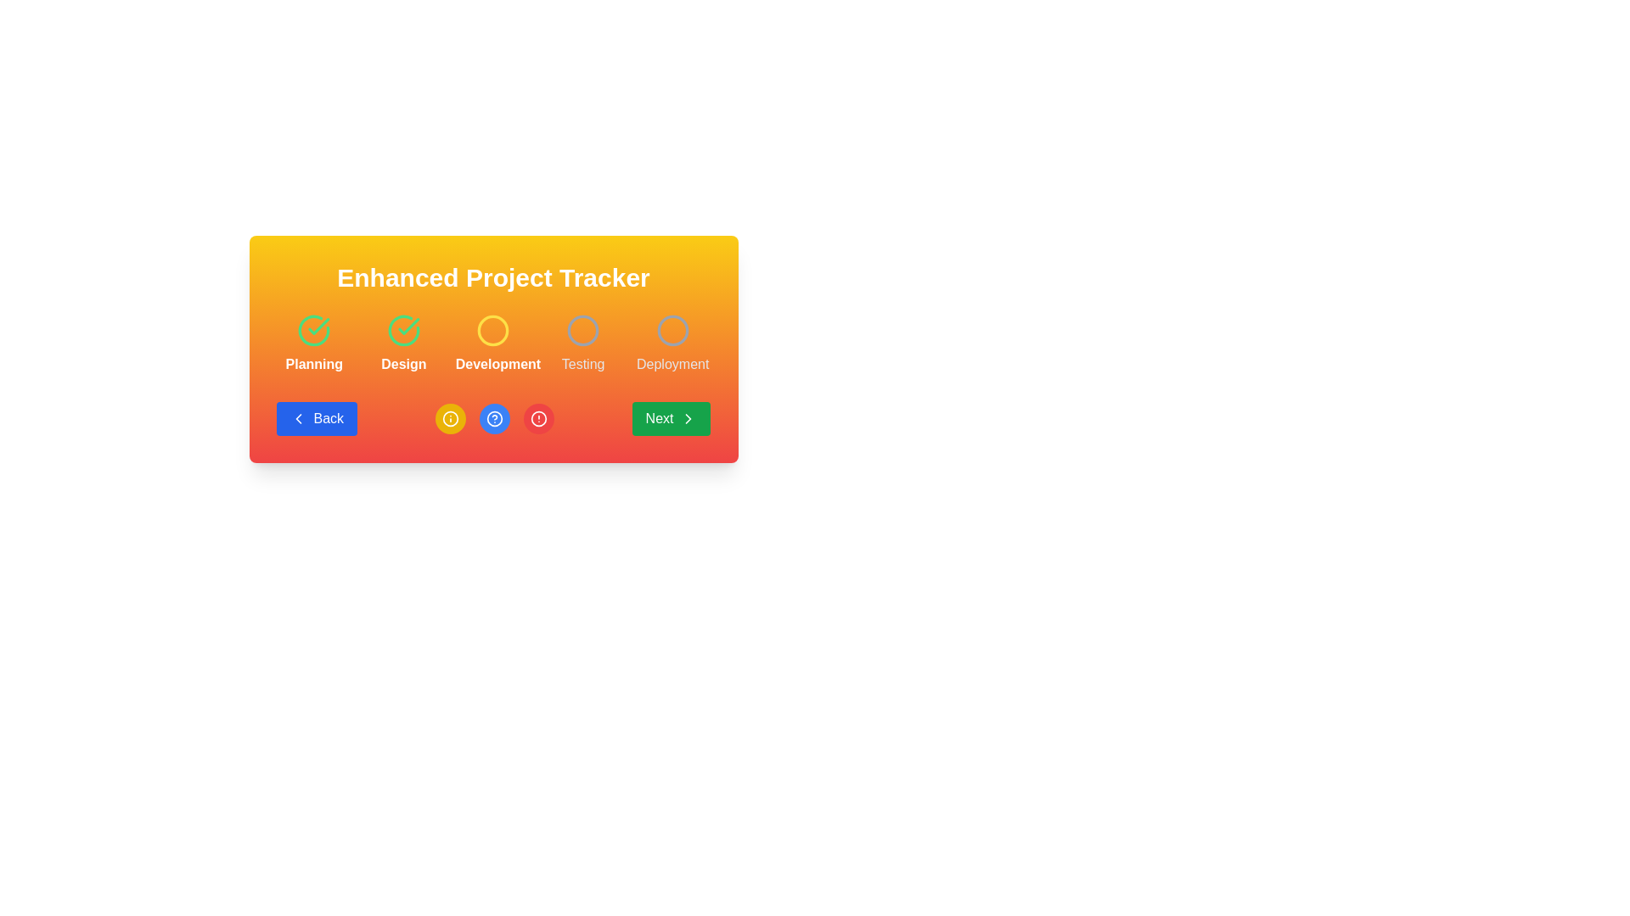  What do you see at coordinates (537, 418) in the screenshot?
I see `the third circular icon below the text 'Enhanced Project Tracker'` at bounding box center [537, 418].